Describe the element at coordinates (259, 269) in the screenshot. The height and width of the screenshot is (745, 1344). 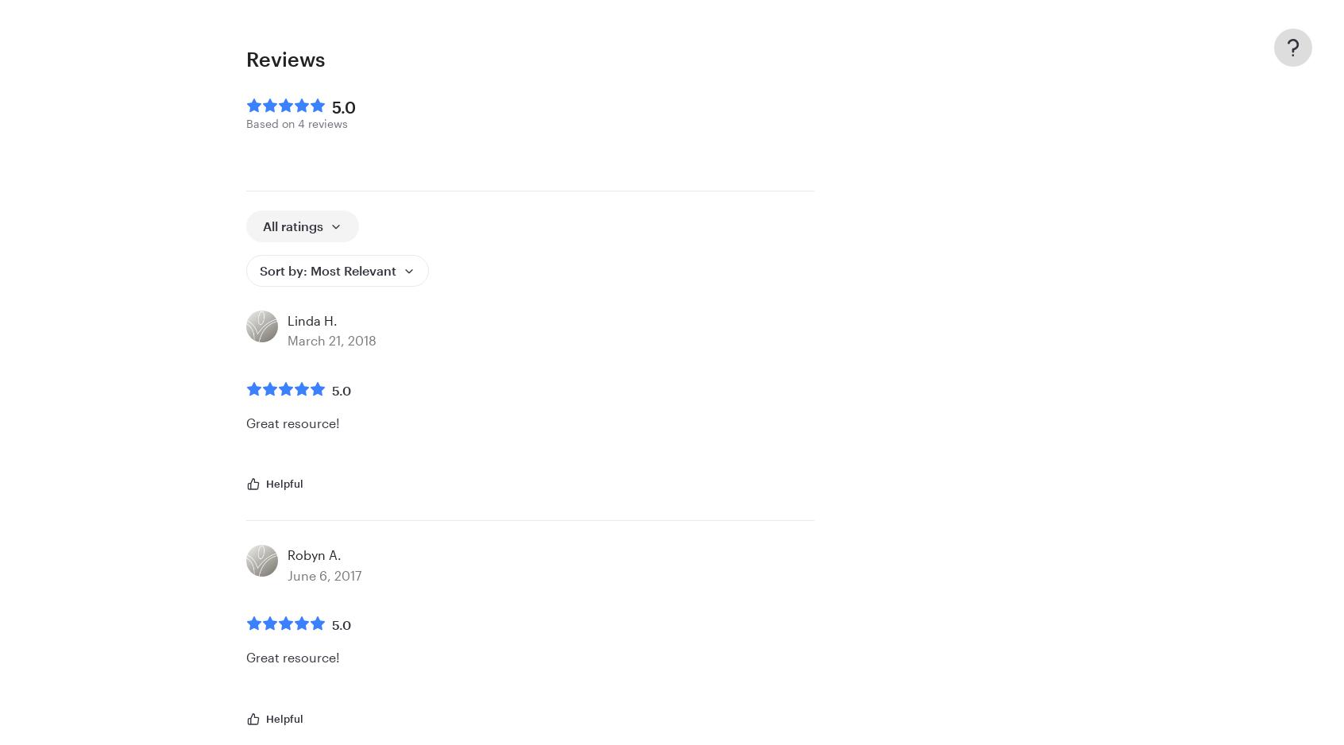
I see `'Sort by:'` at that location.